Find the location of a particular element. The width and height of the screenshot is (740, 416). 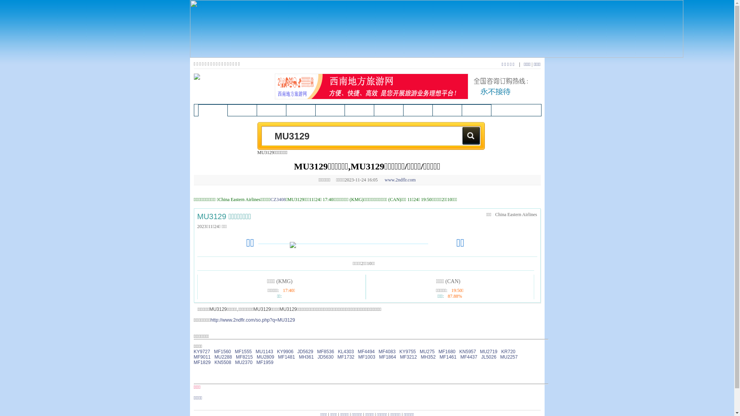

'MF8215' is located at coordinates (244, 357).